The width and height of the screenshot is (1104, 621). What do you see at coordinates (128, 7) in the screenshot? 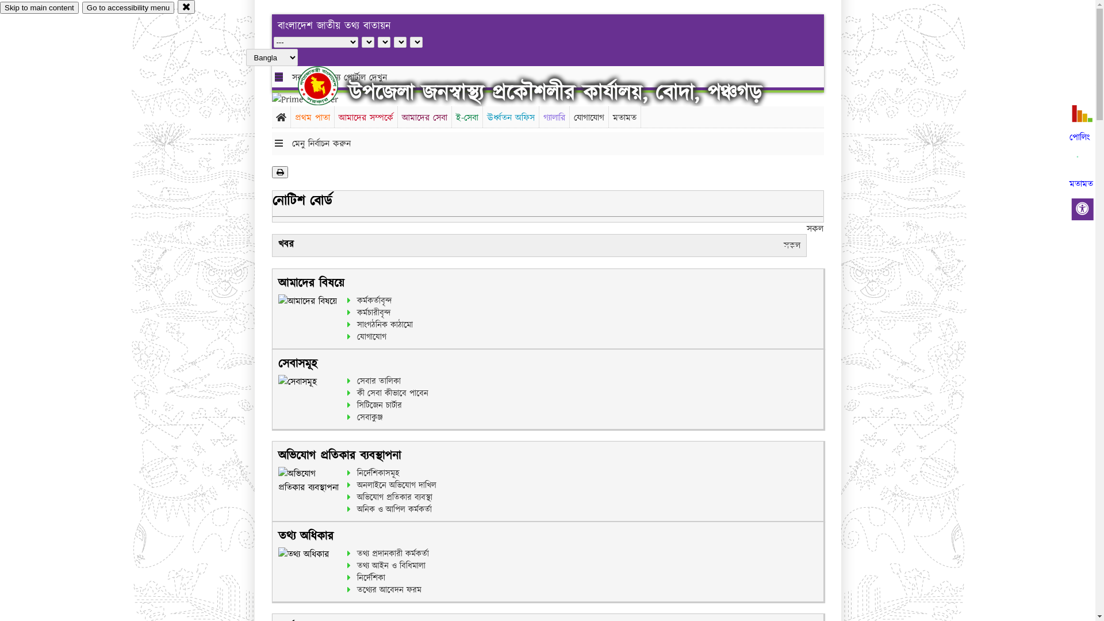
I see `'Go to accessibility menu'` at bounding box center [128, 7].